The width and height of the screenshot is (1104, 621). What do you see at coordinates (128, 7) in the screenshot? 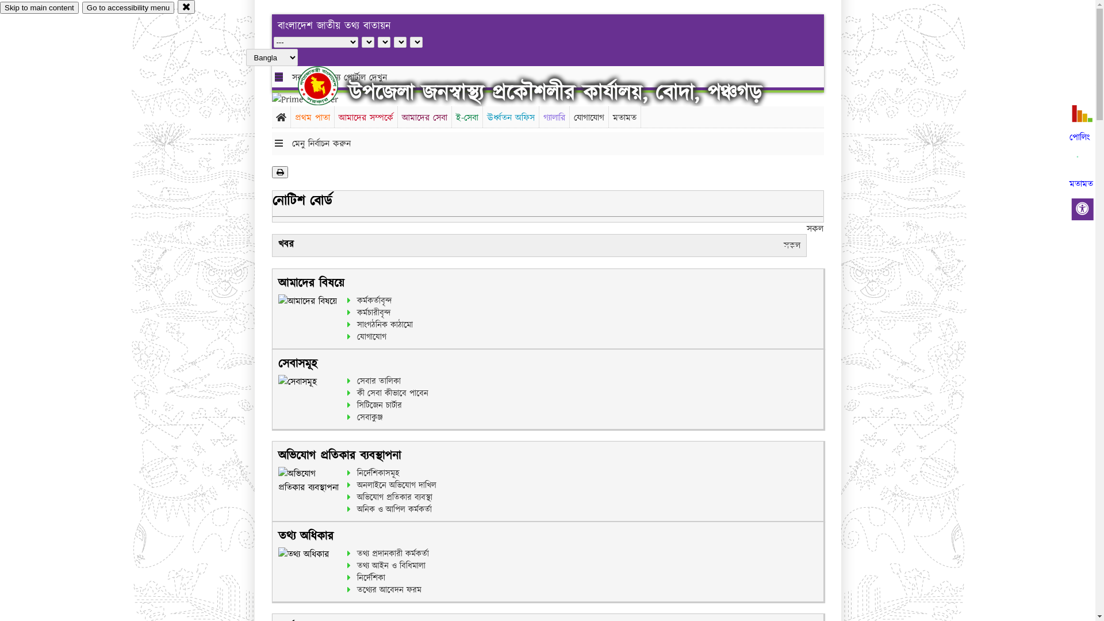
I see `'Go to accessibility menu'` at bounding box center [128, 7].